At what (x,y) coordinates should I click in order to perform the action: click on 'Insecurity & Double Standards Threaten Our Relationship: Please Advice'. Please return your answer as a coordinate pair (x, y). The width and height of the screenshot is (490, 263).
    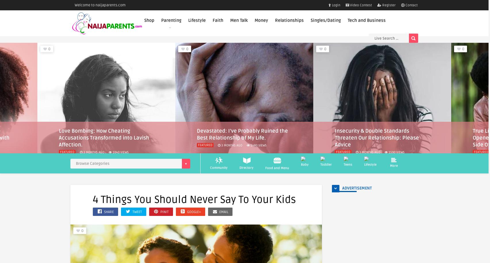
    Looking at the image, I should click on (239, 138).